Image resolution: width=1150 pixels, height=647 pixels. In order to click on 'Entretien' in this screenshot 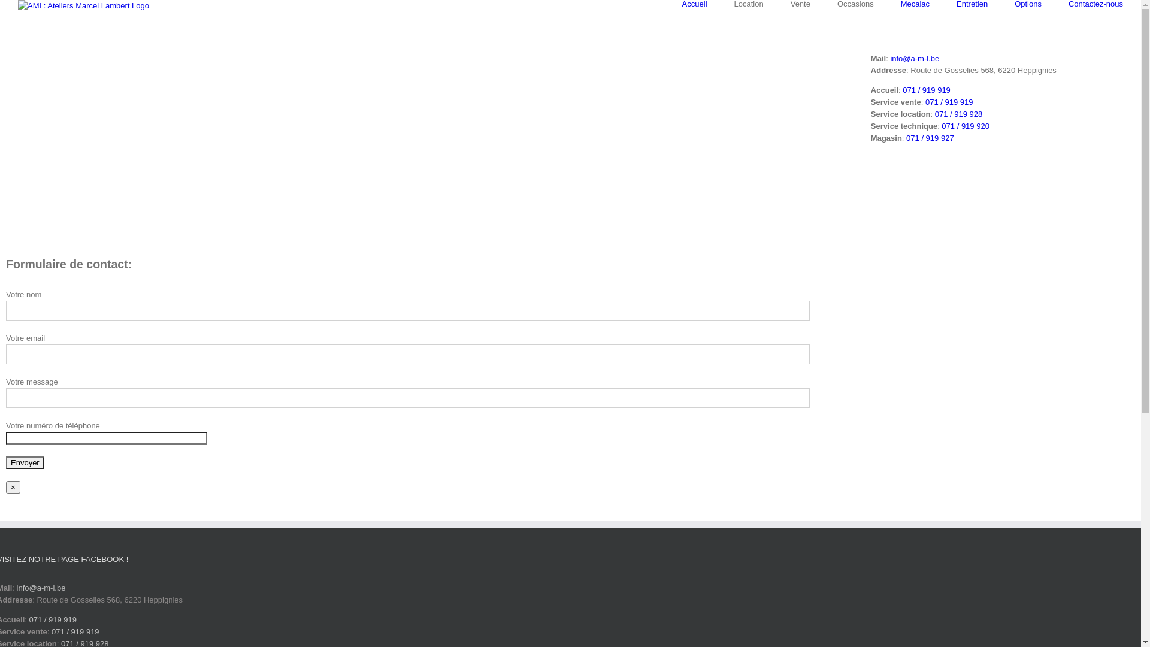, I will do `click(972, 4)`.